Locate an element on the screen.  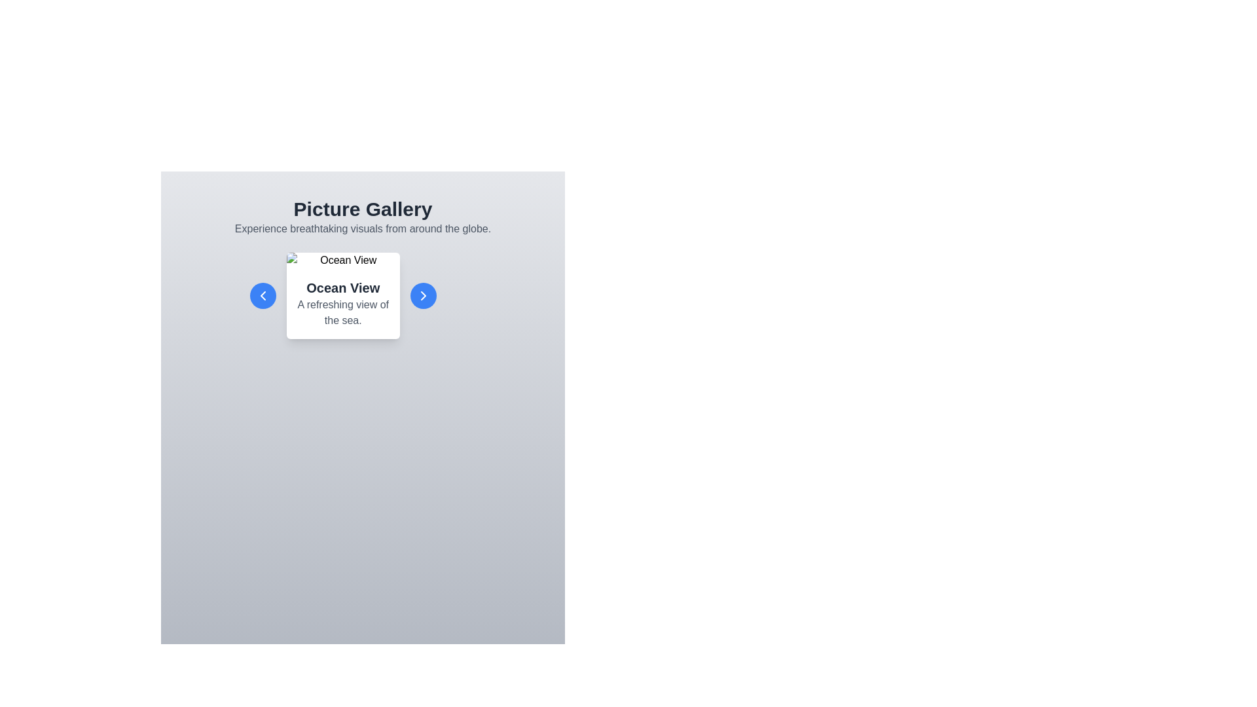
the left-facing chevron arrow icon within the circular blue button located to the left of the 'Ocean View' content area is located at coordinates (263, 295).